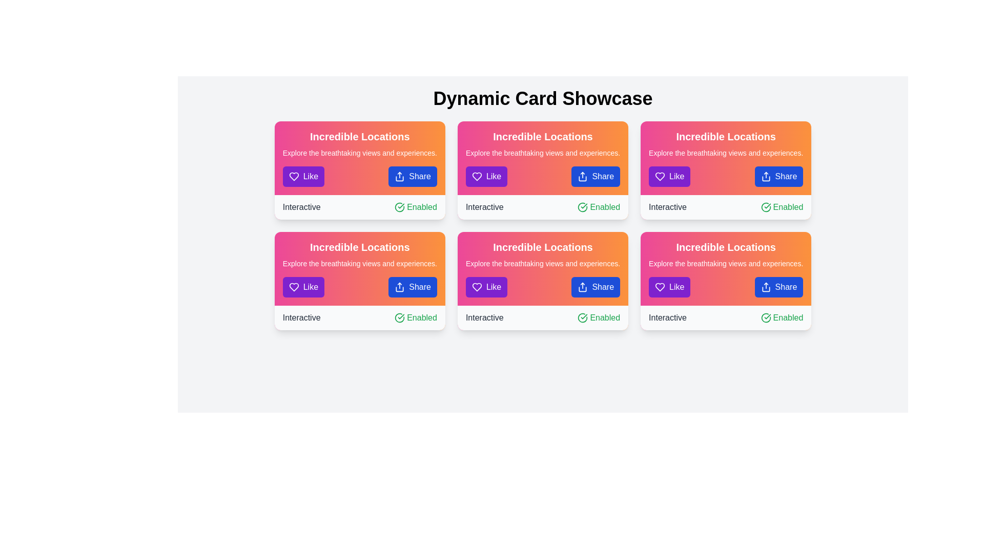 The height and width of the screenshot is (553, 984). Describe the element at coordinates (293, 176) in the screenshot. I see `the purple heart SVG icon located within the 'Like' button on the card, which has a purple background and white text` at that location.